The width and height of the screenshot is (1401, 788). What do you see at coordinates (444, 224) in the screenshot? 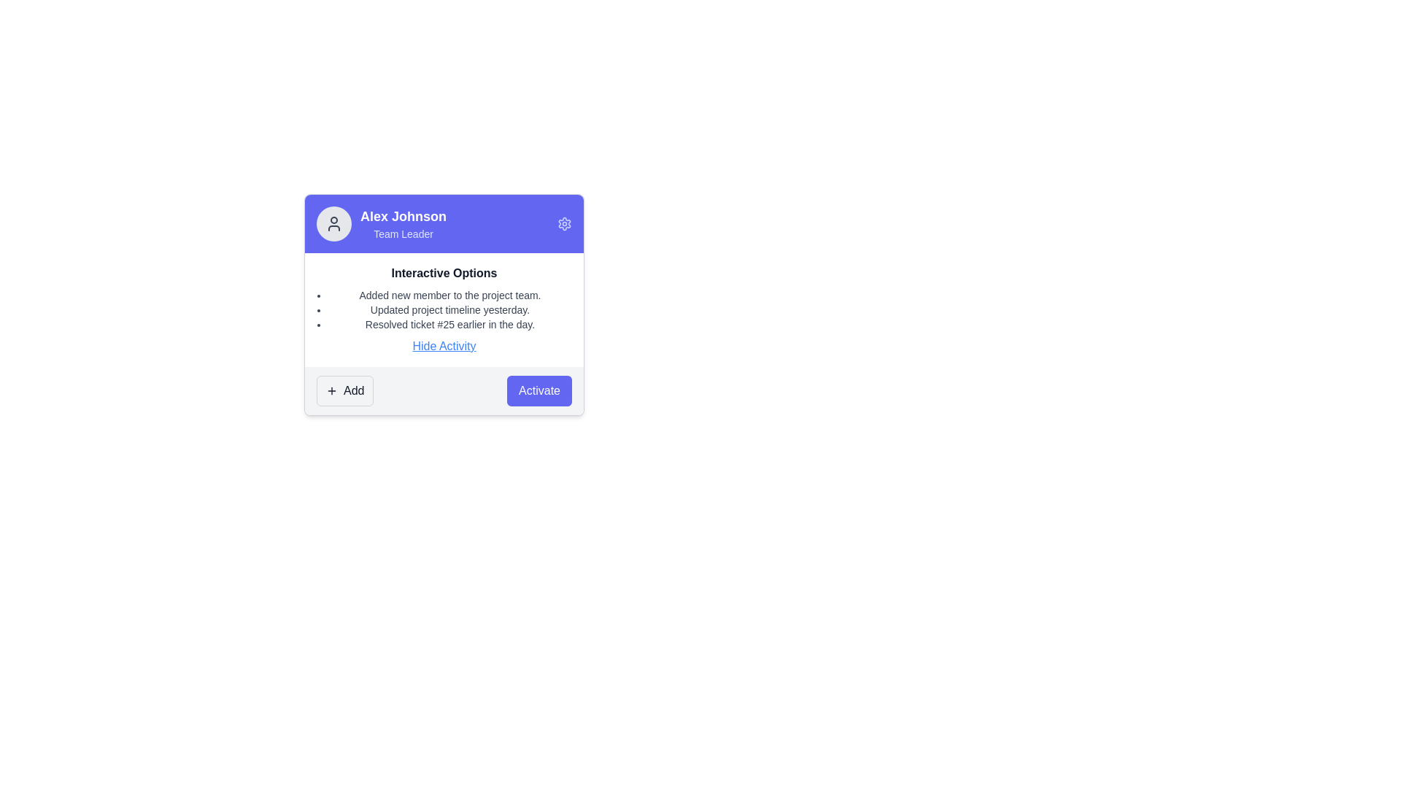
I see `the Header section of the card, which features a purple-tinted background with the name 'Alex Johnson' in bold and a subtitle 'Team Leader', along with circular and gear icons on the left and right respectively` at bounding box center [444, 224].